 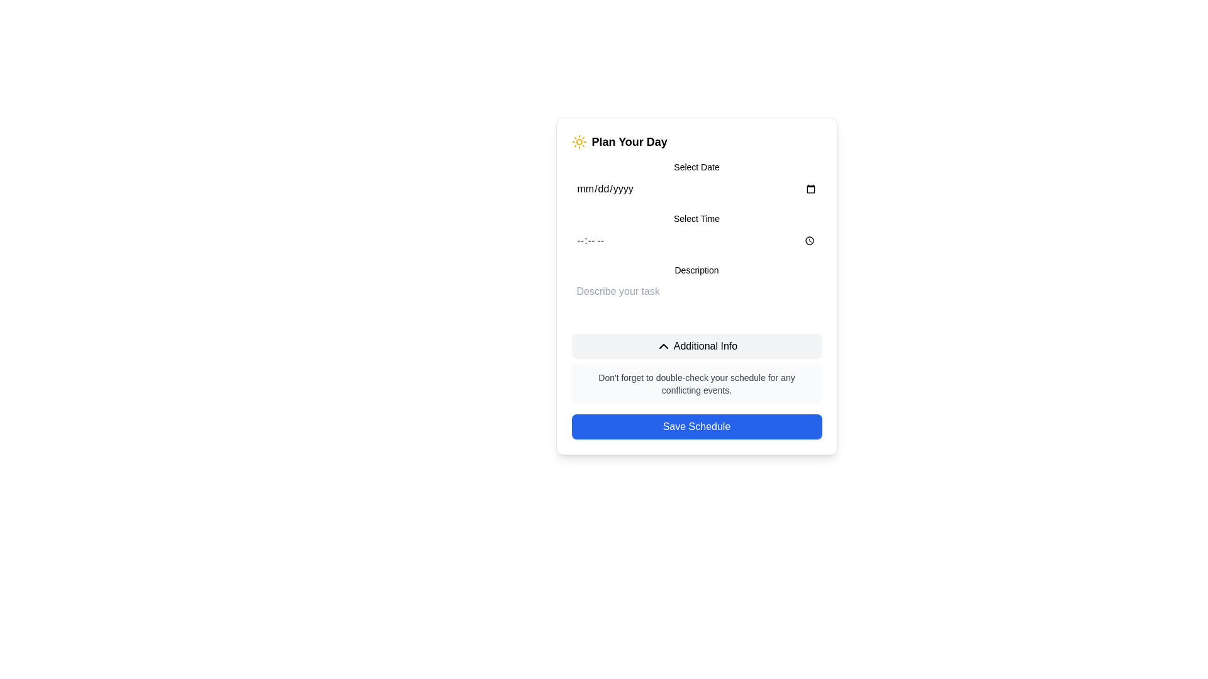 I want to click on the submit button located at the bottom of the vertical form layout, so click(x=696, y=426).